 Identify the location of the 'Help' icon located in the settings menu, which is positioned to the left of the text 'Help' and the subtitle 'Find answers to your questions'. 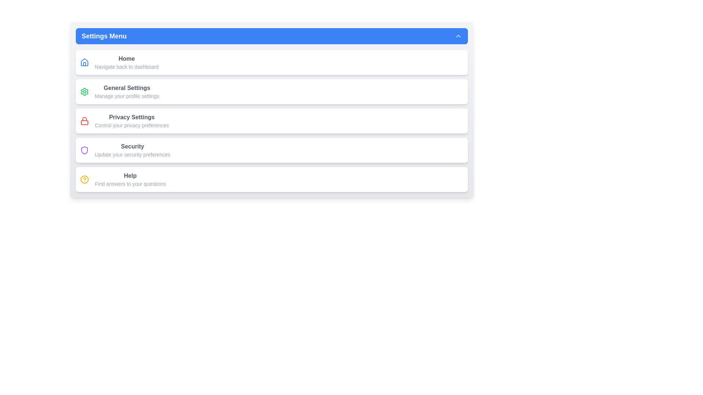
(84, 179).